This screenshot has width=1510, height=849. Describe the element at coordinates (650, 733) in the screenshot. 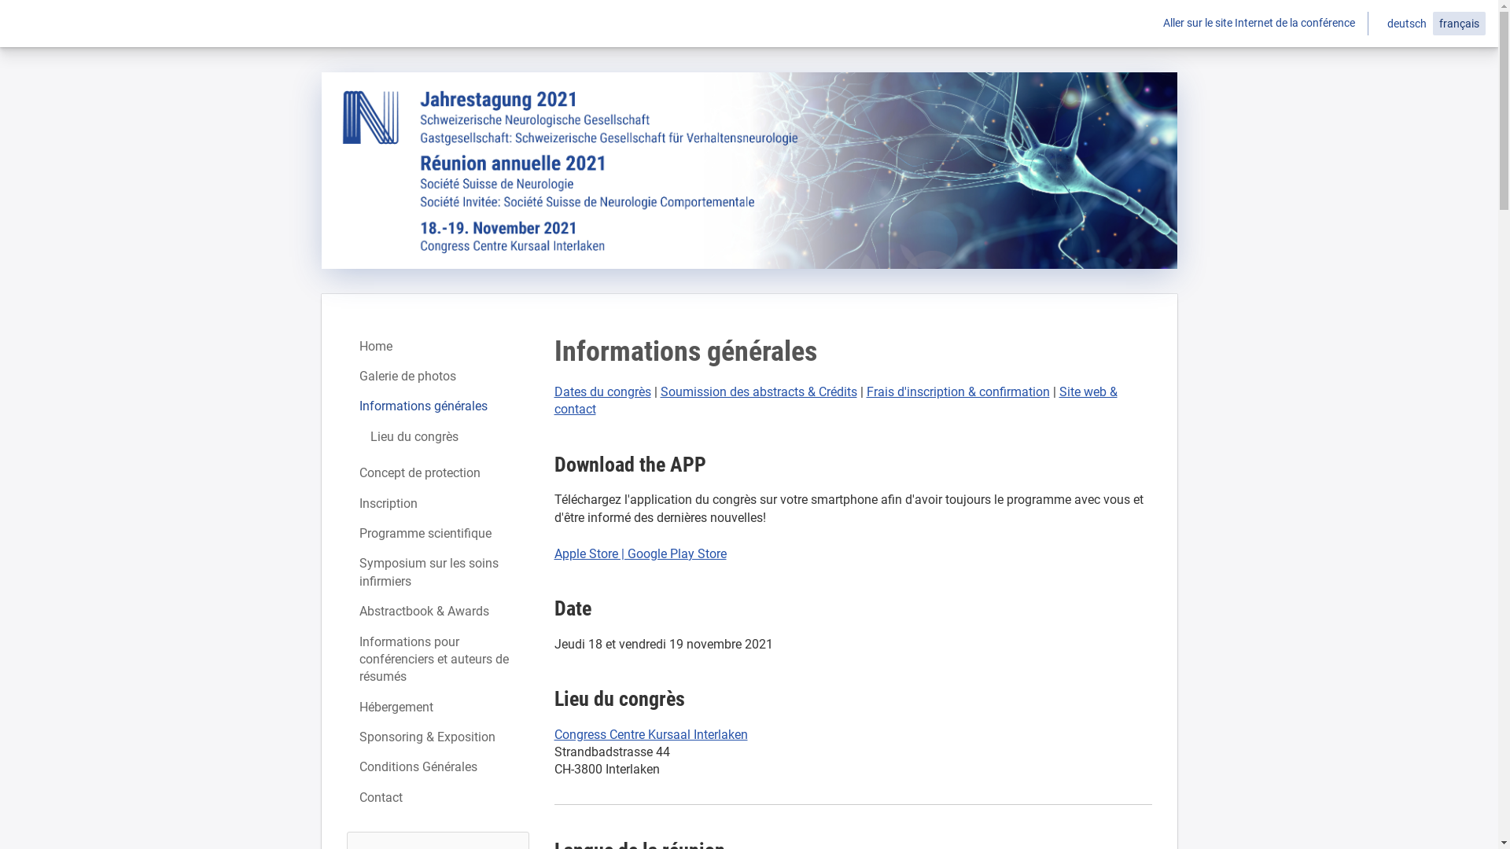

I see `'Congress Centre Kursaal Interlaken'` at that location.